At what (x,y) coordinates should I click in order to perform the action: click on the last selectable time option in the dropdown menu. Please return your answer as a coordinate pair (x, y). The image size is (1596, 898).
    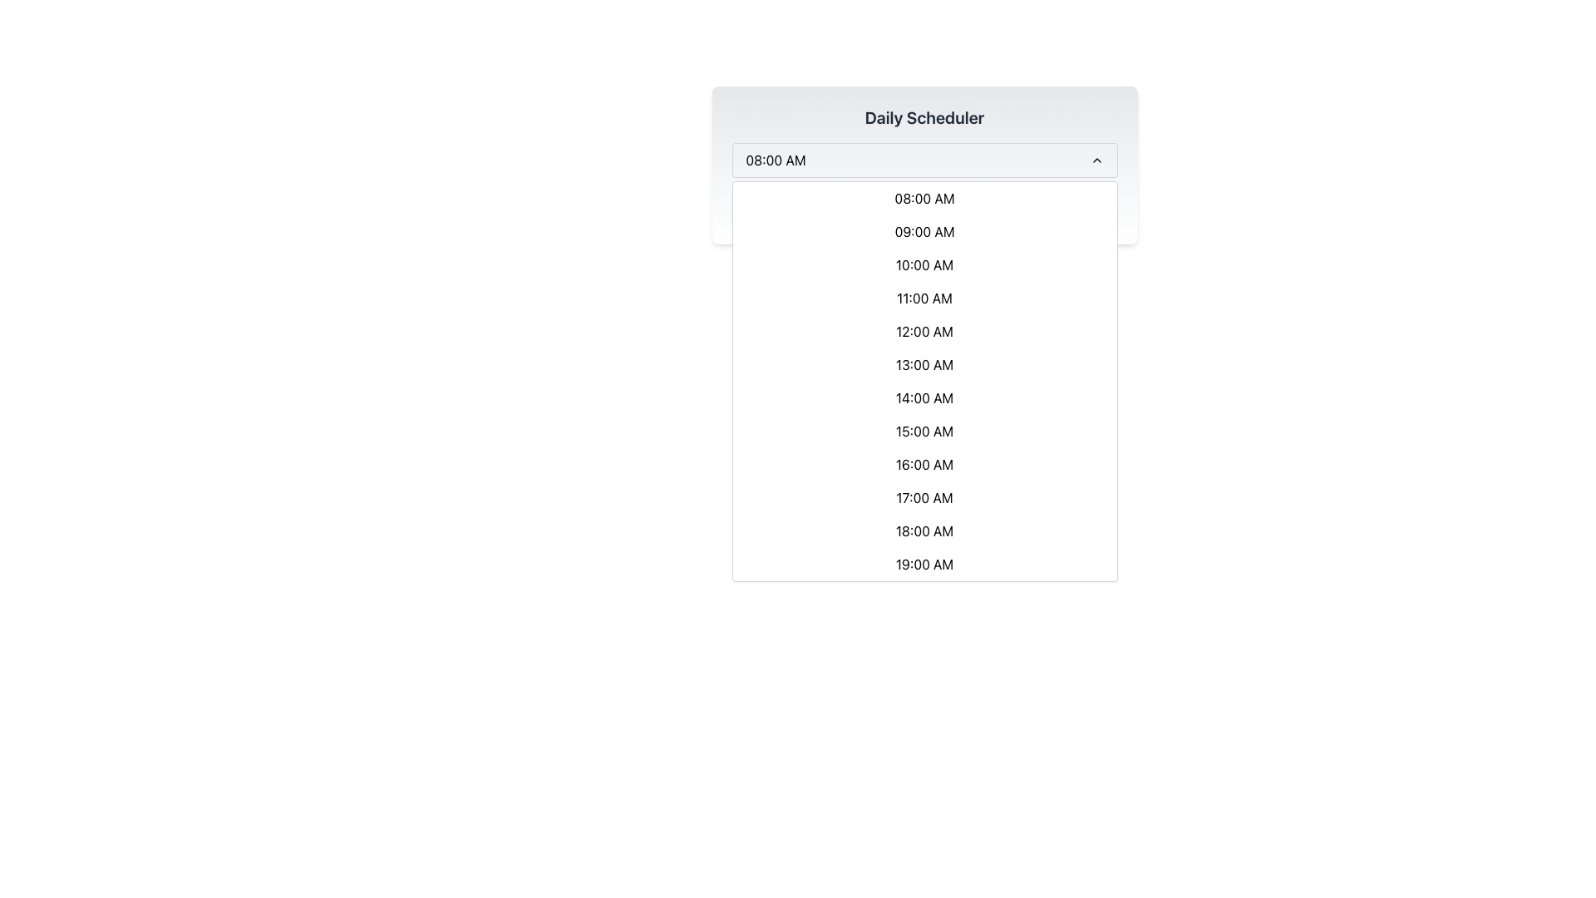
    Looking at the image, I should click on (924, 563).